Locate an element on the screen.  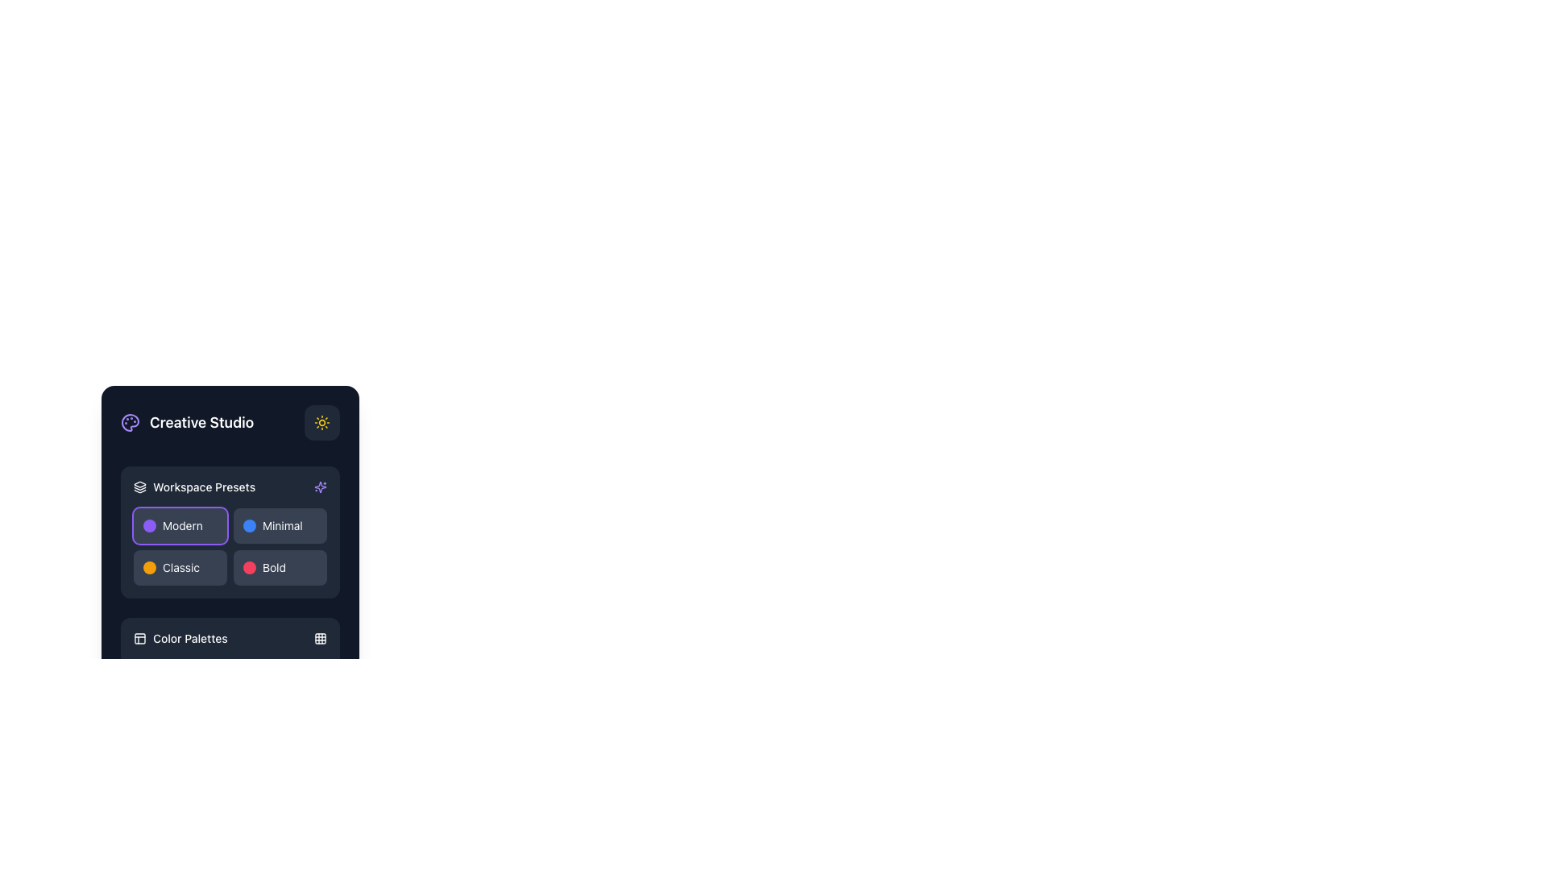
the small circular dot associated with the 'Modern' option in the 'Workspace Presets' section on the main panel is located at coordinates (150, 525).